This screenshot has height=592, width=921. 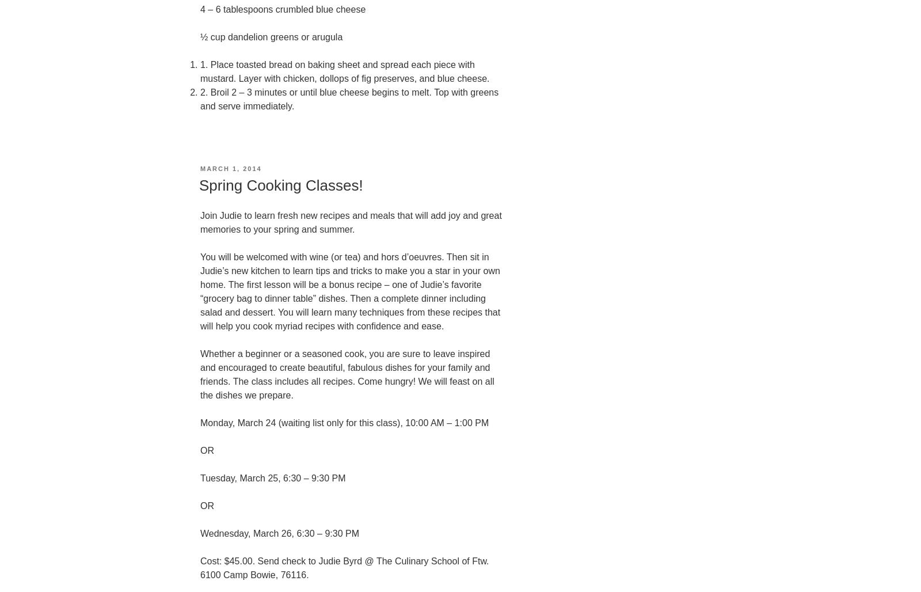 What do you see at coordinates (349, 98) in the screenshot?
I see `'2. Broil 2 – 3 minutes or until blue cheese begins to melt. Top with greens and serve immediately.'` at bounding box center [349, 98].